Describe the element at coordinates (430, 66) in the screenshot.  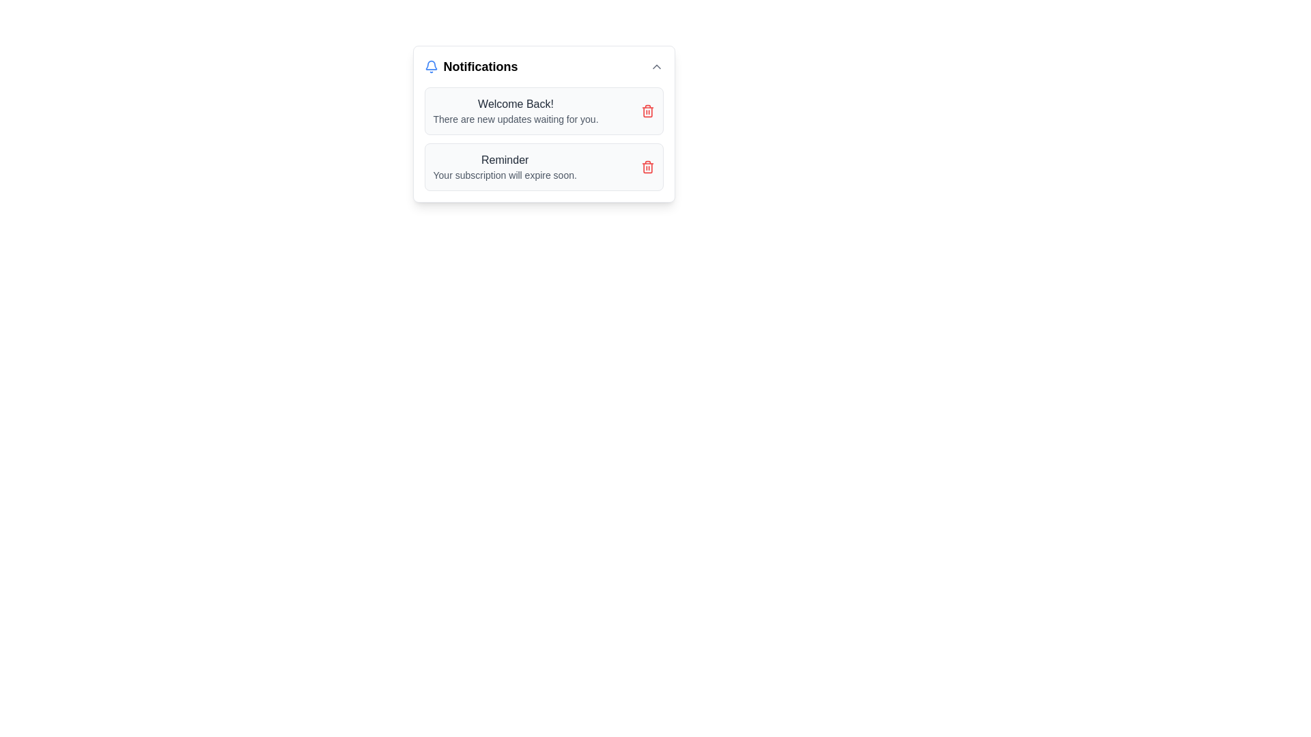
I see `the bell icon with a blue stroke located to the left of the 'Notifications' text` at that location.